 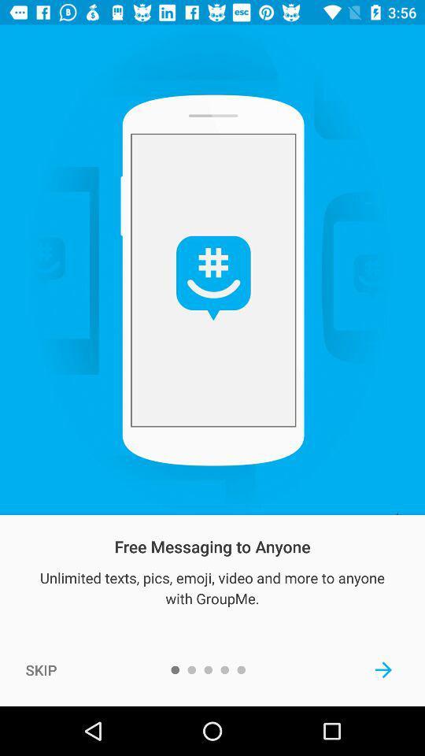 What do you see at coordinates (382, 669) in the screenshot?
I see `icon next to skip icon` at bounding box center [382, 669].